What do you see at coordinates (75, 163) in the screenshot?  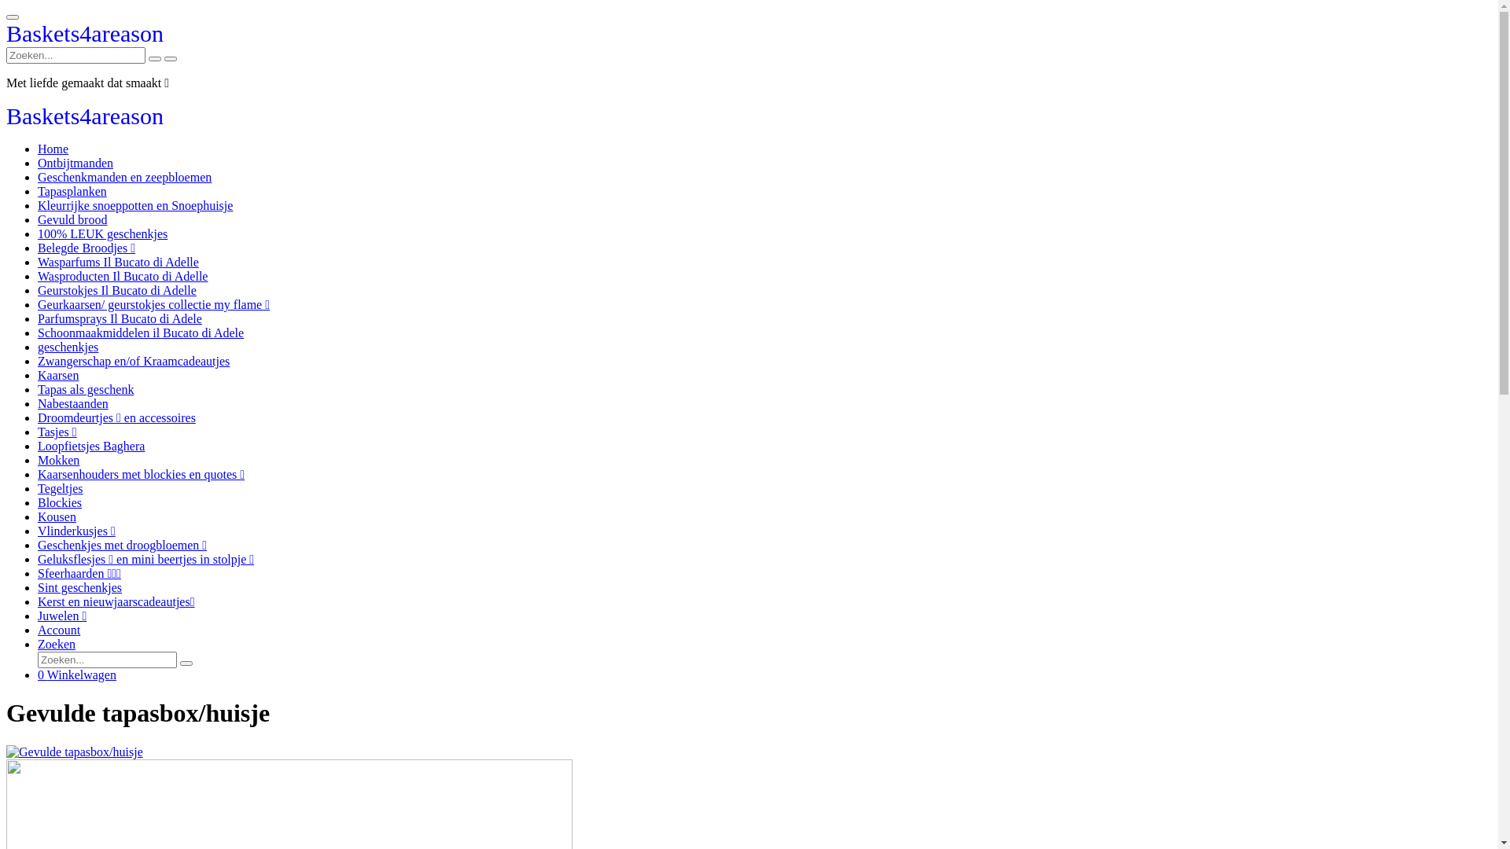 I see `'Ontbijtmanden'` at bounding box center [75, 163].